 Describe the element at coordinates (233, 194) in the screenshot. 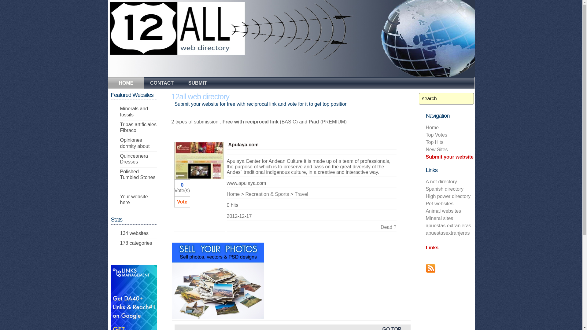

I see `'Home'` at that location.